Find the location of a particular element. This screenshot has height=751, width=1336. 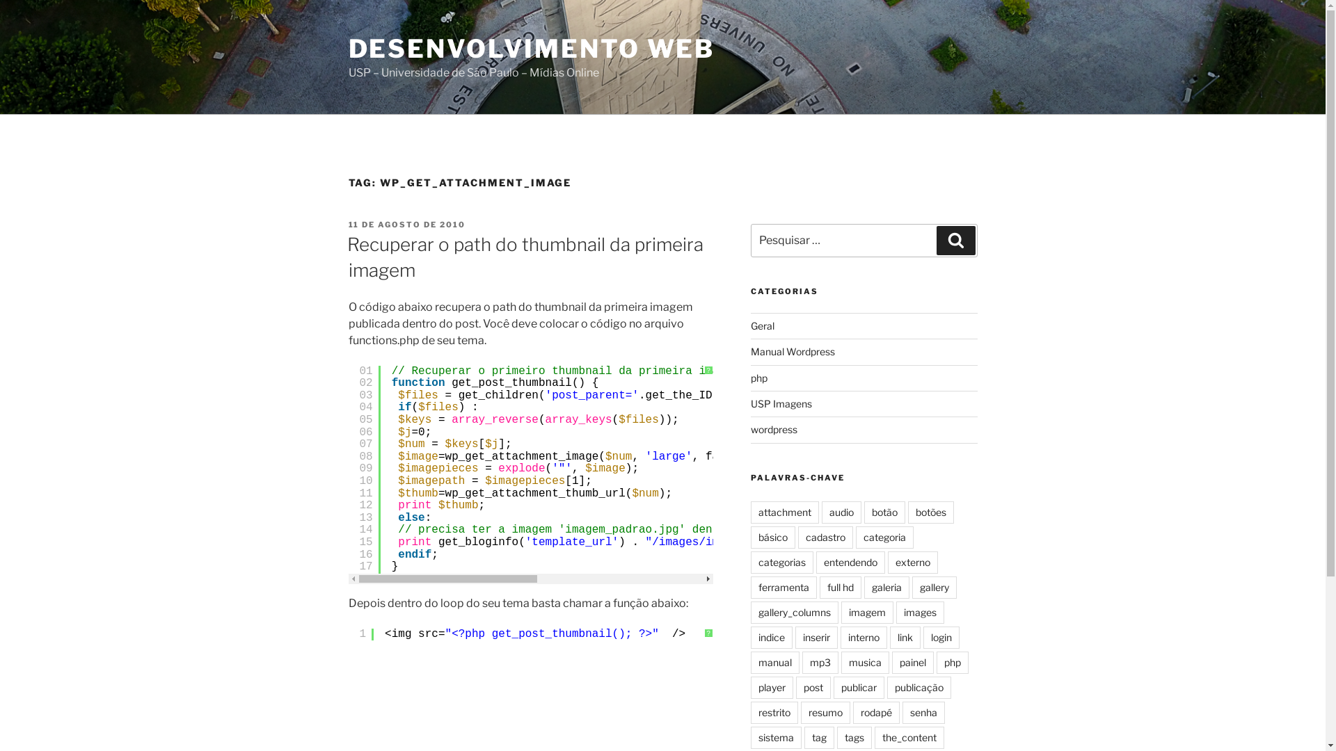

'imagem' is located at coordinates (866, 611).